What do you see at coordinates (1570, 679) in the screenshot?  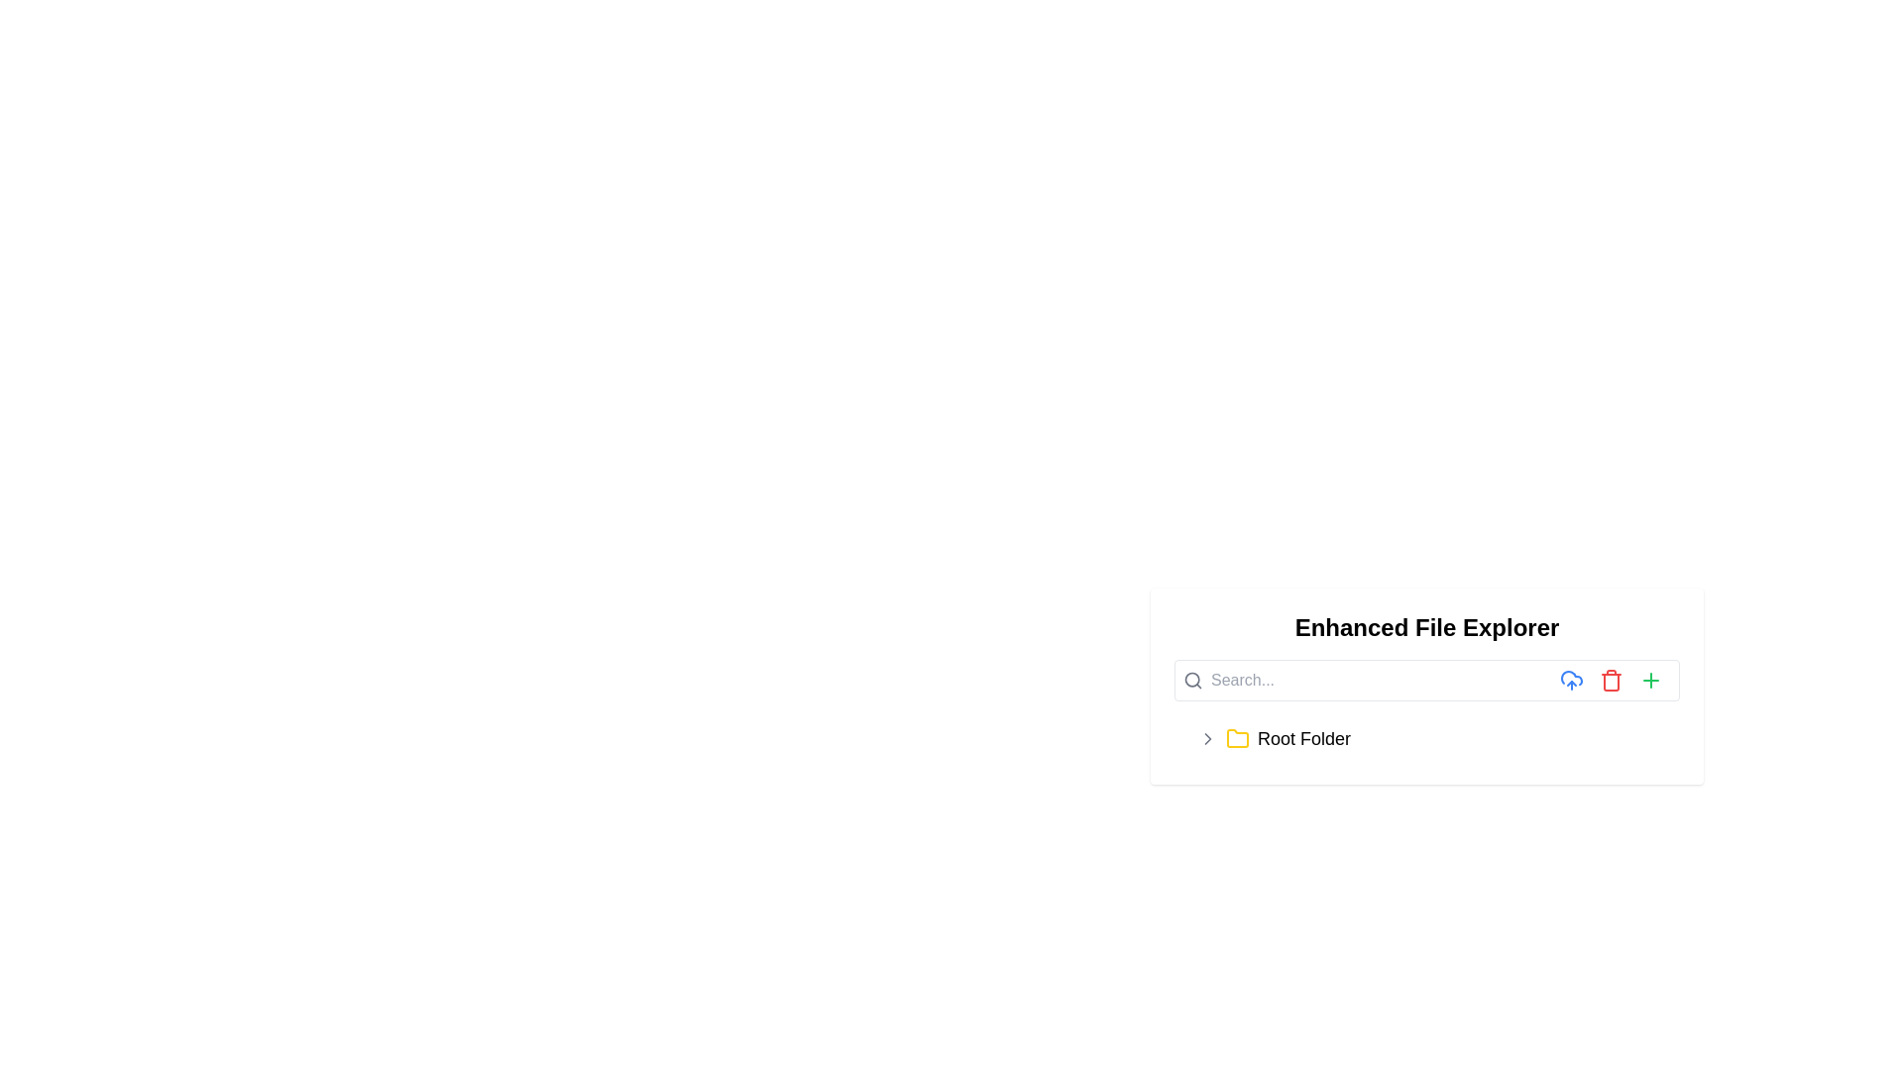 I see `the upload icon button located in the navigation bar to the right of the search bar to initiate the uploading functionality` at bounding box center [1570, 679].